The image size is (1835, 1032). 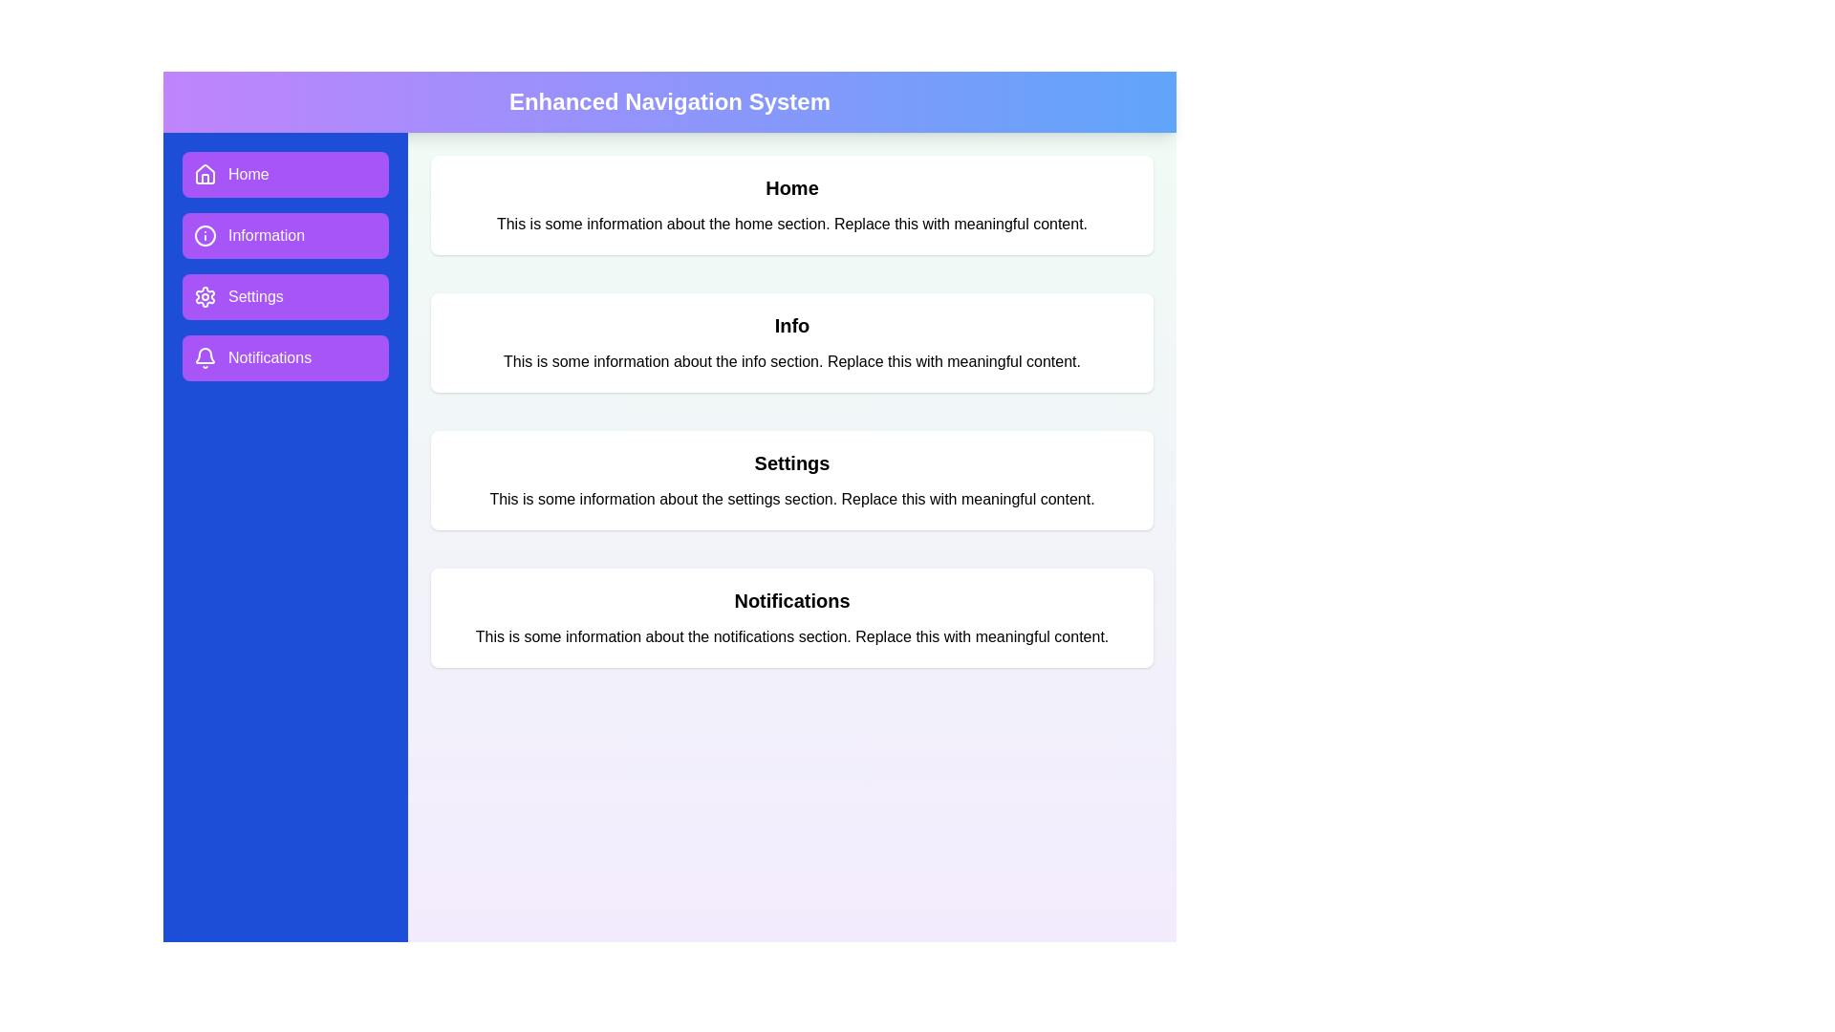 I want to click on the gear symbol icon in the vertical sidebar menu, so click(x=205, y=297).